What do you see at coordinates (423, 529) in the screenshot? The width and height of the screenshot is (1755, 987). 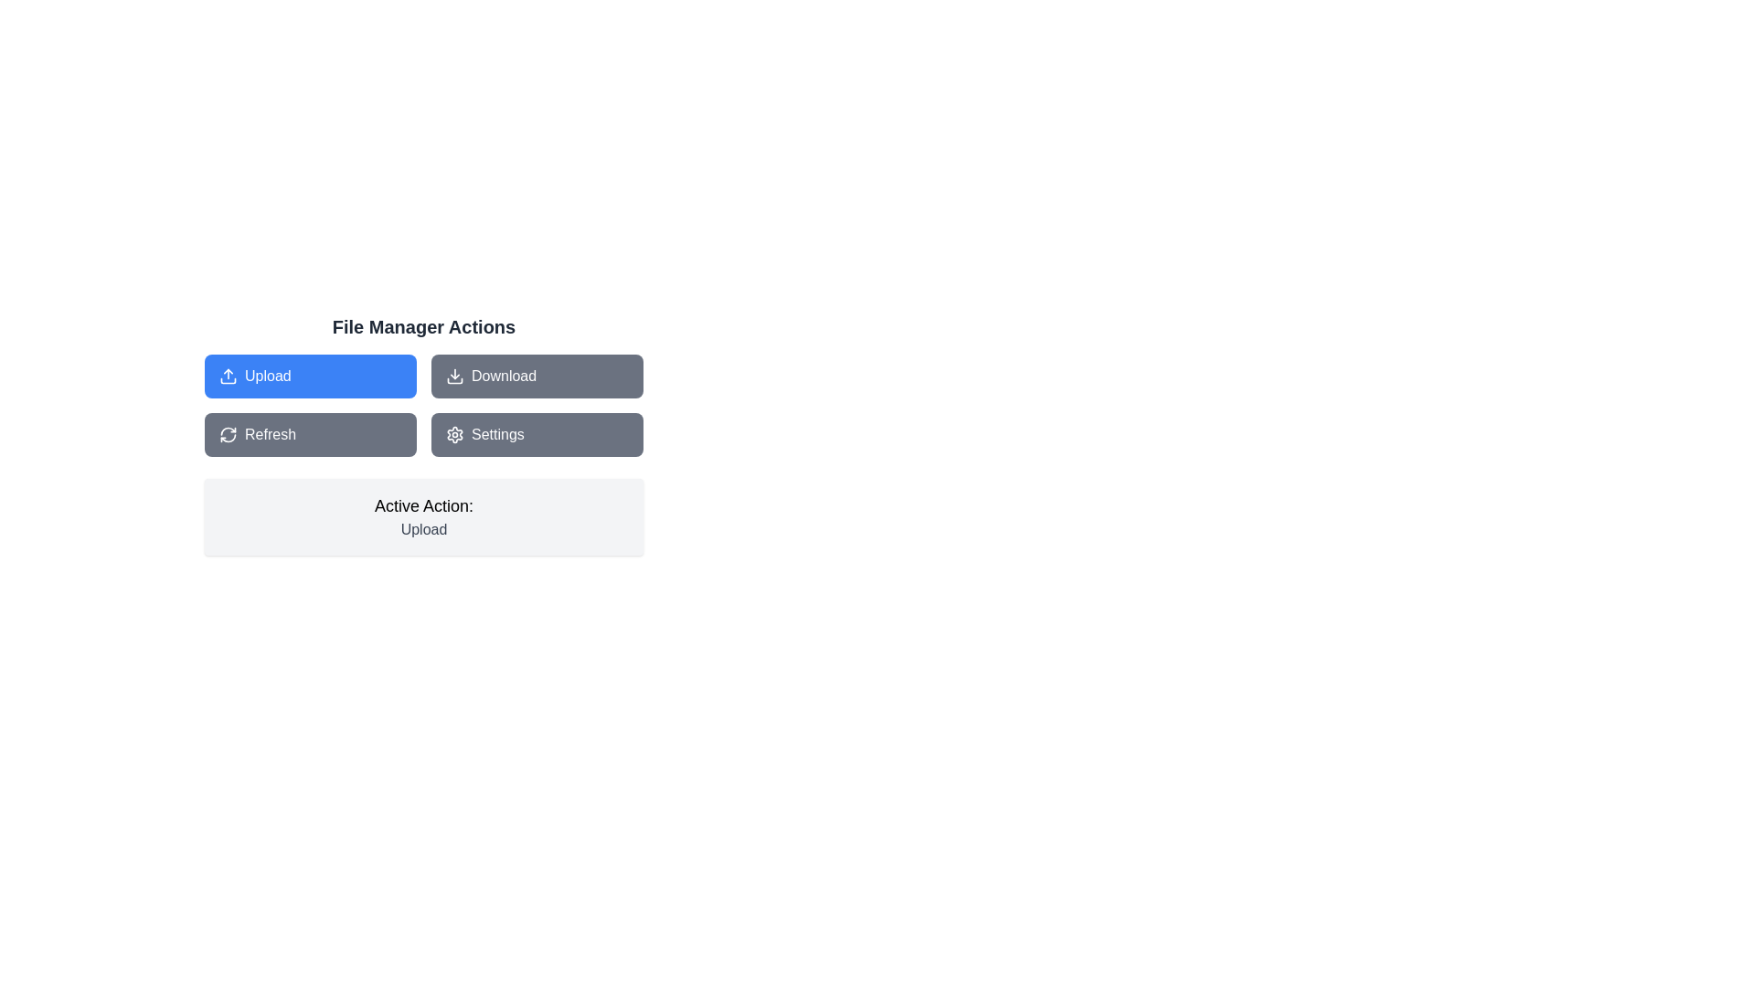 I see `the 'Upload' text label, which is located below the 'Active Action:' label in a pale gray box` at bounding box center [423, 529].